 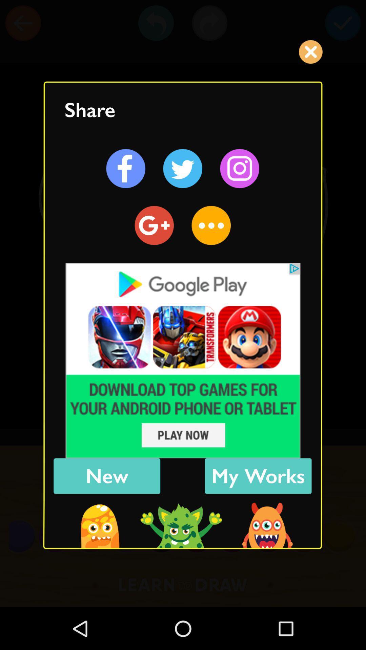 What do you see at coordinates (343, 23) in the screenshot?
I see `the check icon` at bounding box center [343, 23].